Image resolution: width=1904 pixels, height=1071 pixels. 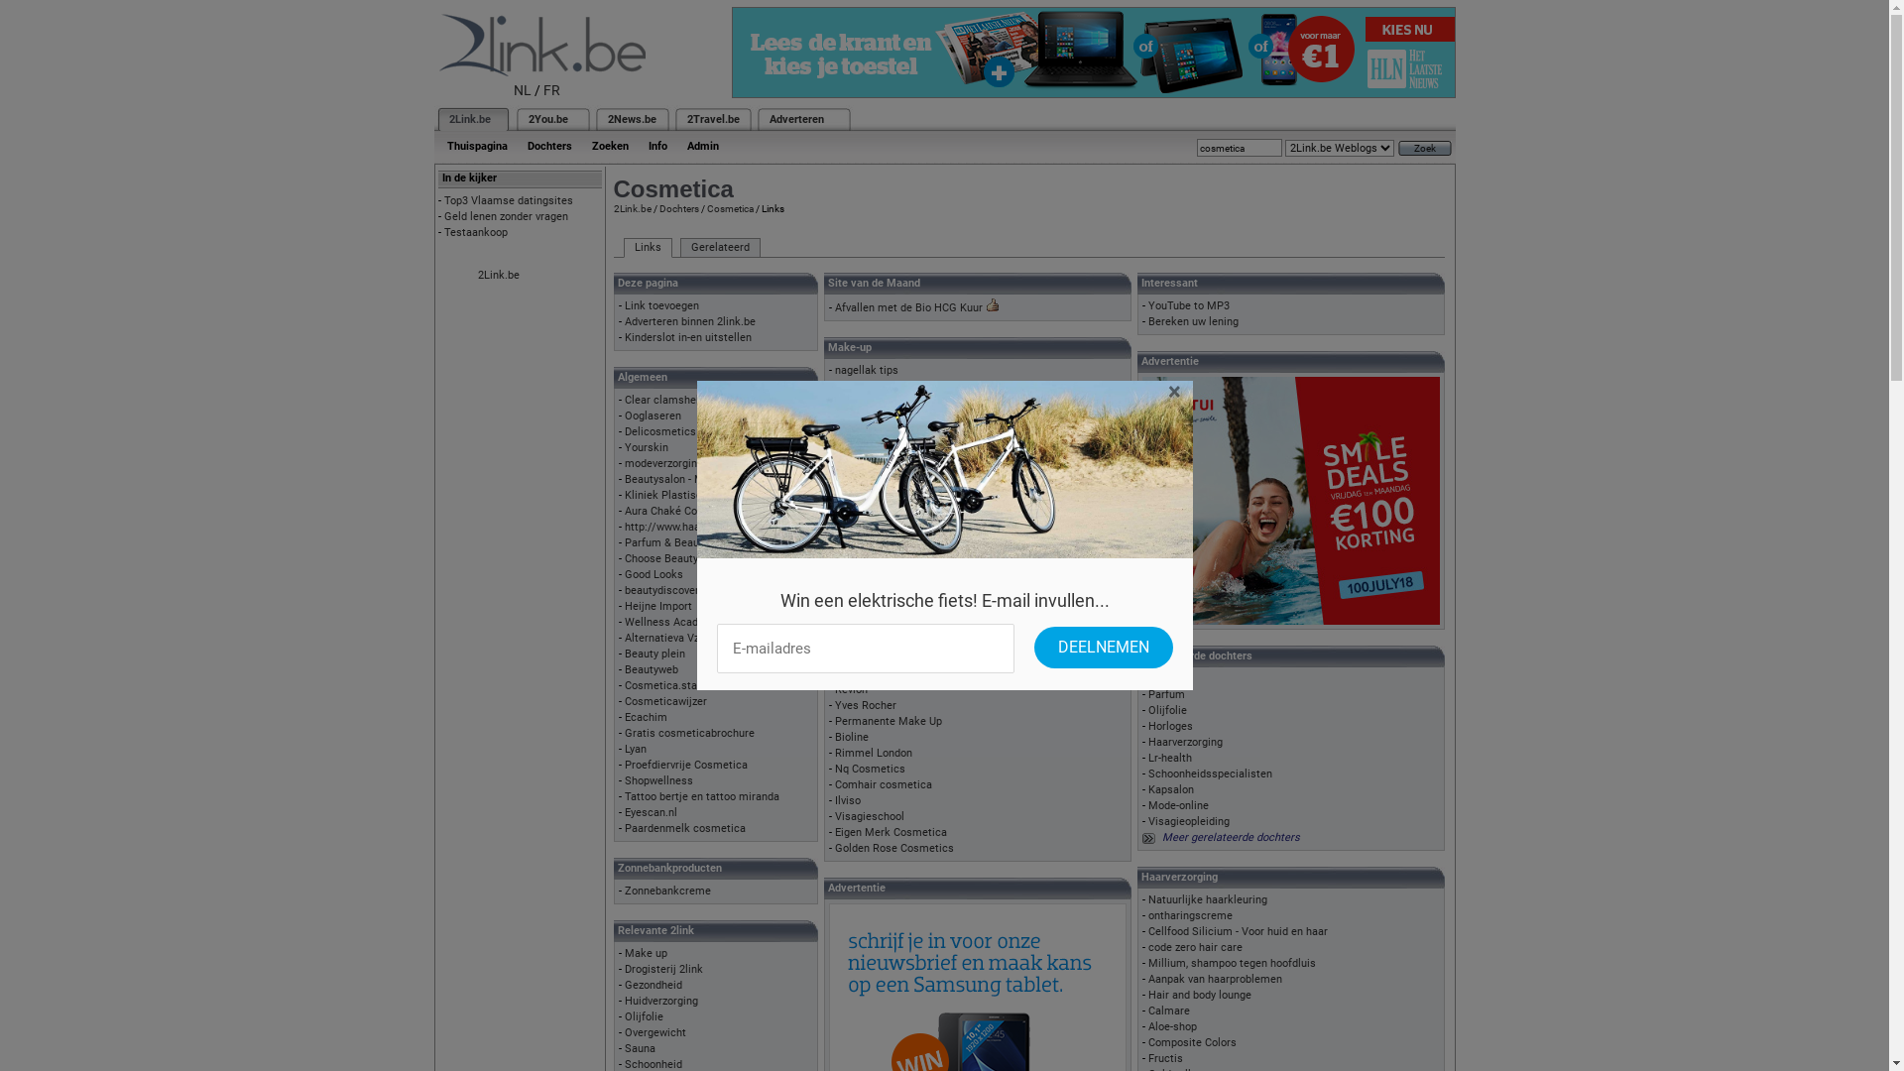 I want to click on 'Composite Colors', so click(x=1191, y=1041).